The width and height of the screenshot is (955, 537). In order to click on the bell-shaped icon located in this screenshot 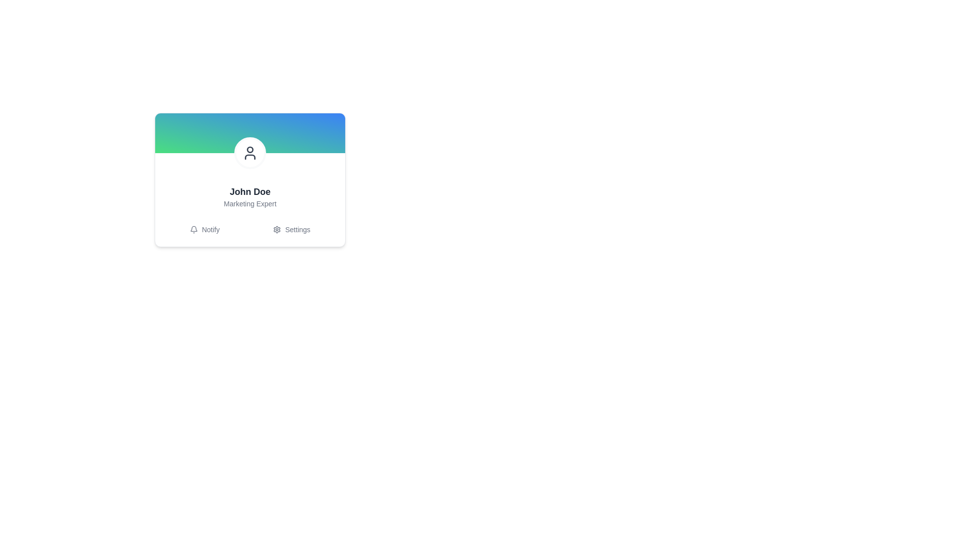, I will do `click(193, 230)`.